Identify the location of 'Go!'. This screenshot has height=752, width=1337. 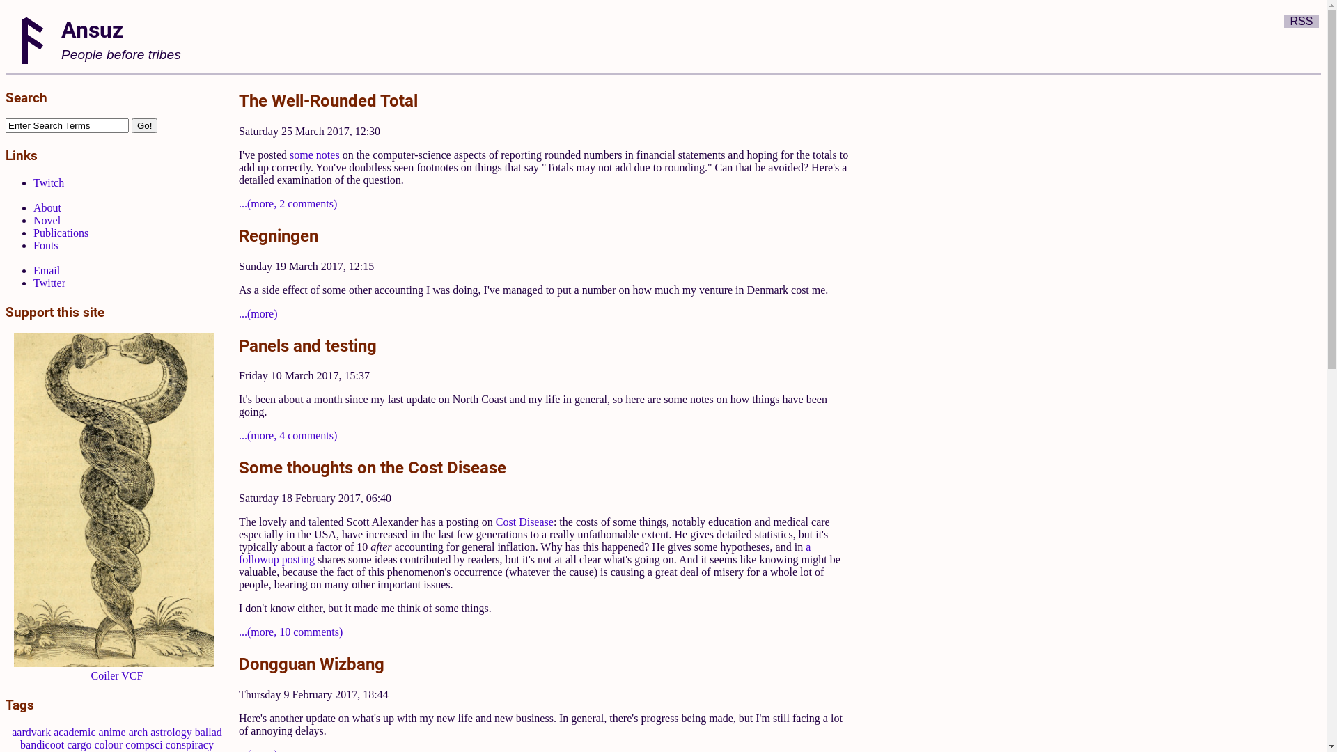
(144, 125).